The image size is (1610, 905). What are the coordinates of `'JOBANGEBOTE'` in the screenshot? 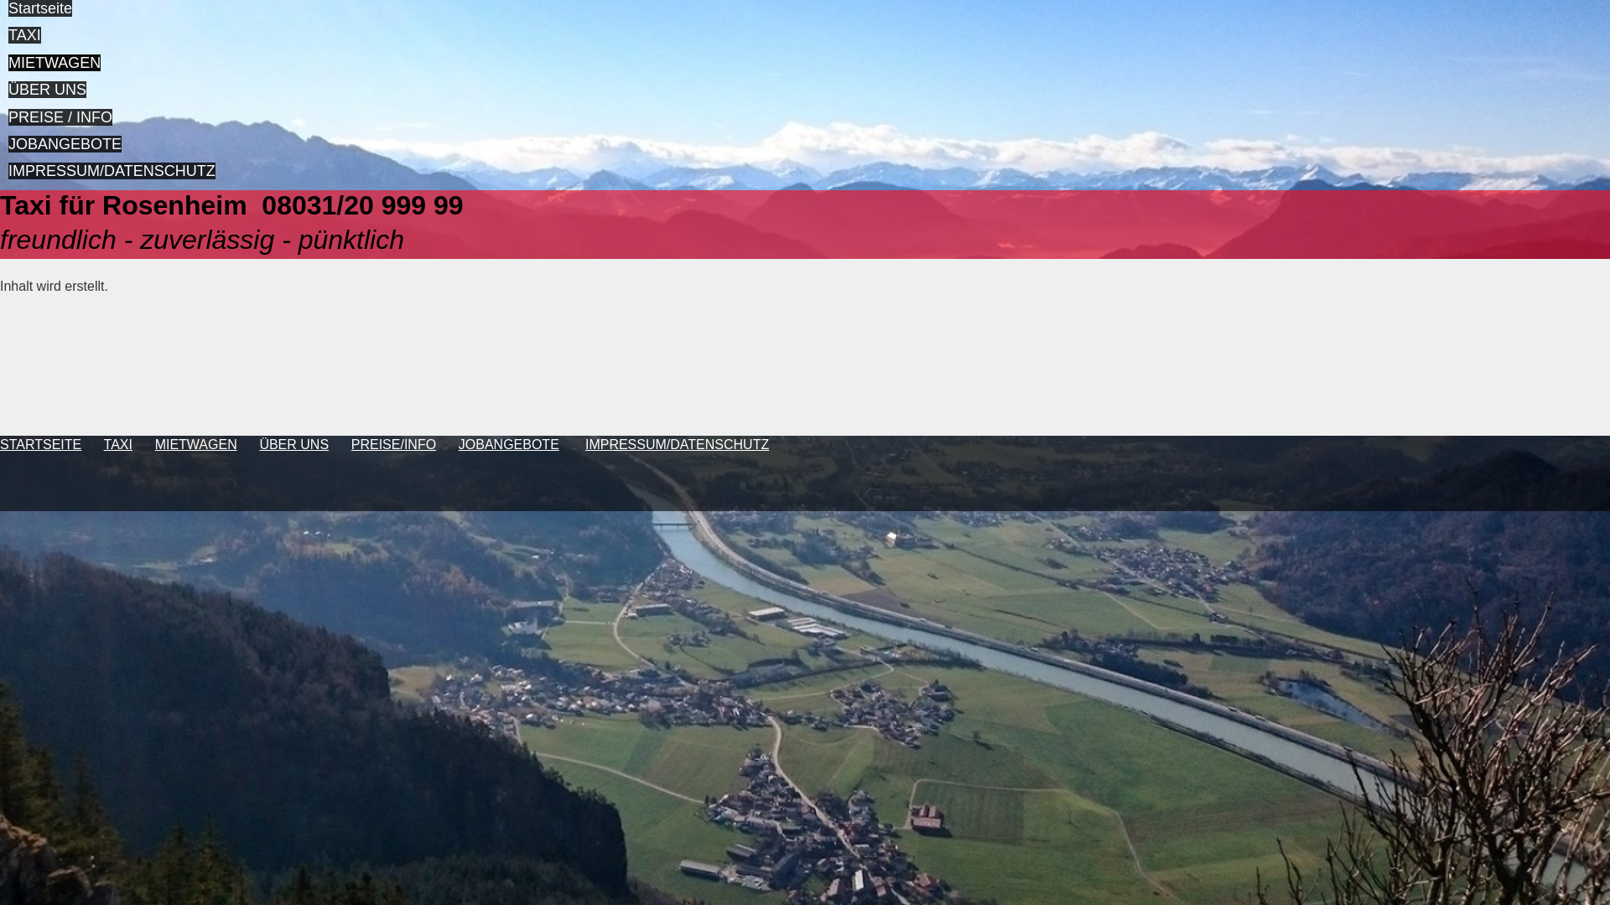 It's located at (65, 143).